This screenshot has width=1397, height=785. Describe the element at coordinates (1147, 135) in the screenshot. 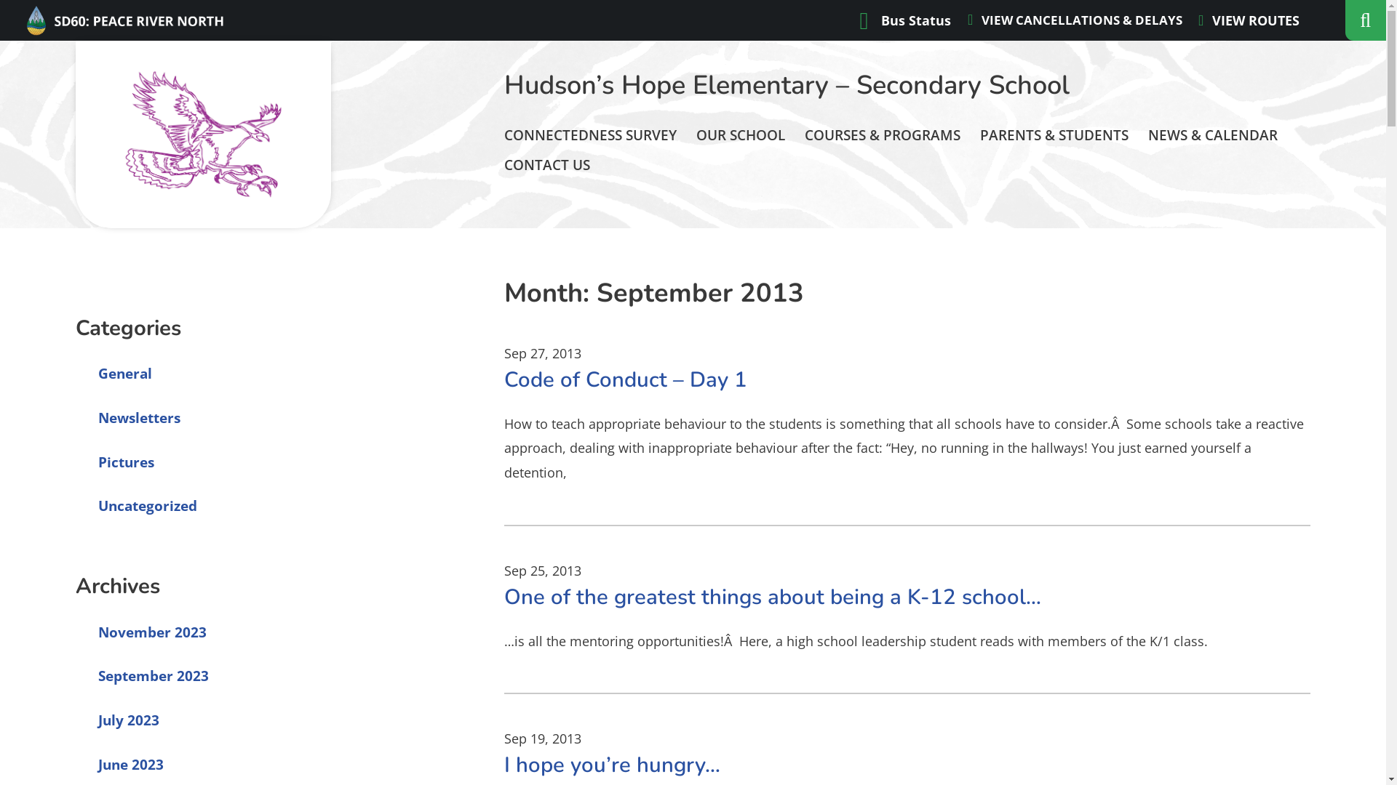

I see `'NEWS & CALENDAR'` at that location.